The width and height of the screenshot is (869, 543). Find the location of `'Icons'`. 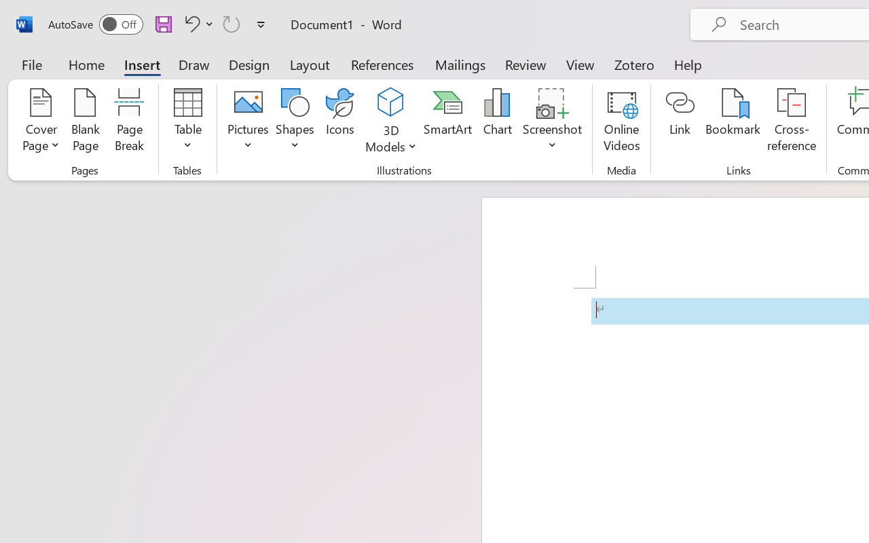

'Icons' is located at coordinates (340, 121).